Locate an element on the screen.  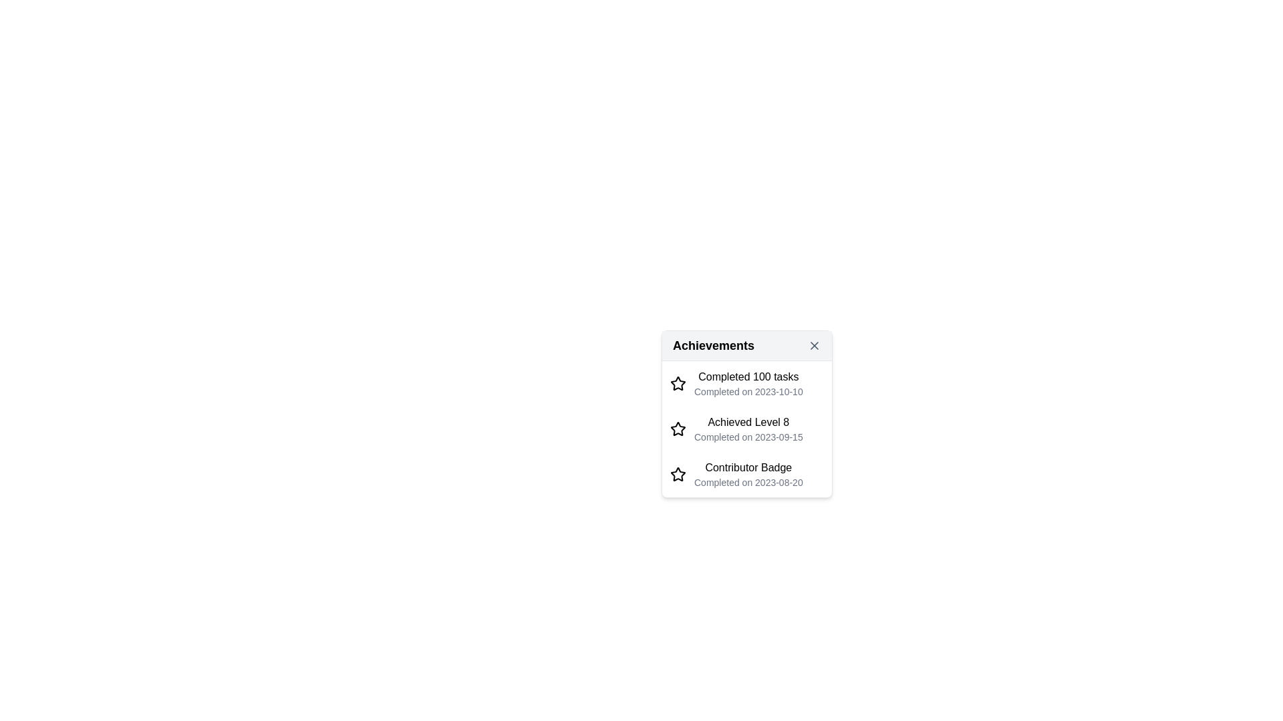
the text label displaying 'Completed on 2023-10-10', which is styled in gray and located below the title 'Completed 100 tasks' is located at coordinates (748, 391).